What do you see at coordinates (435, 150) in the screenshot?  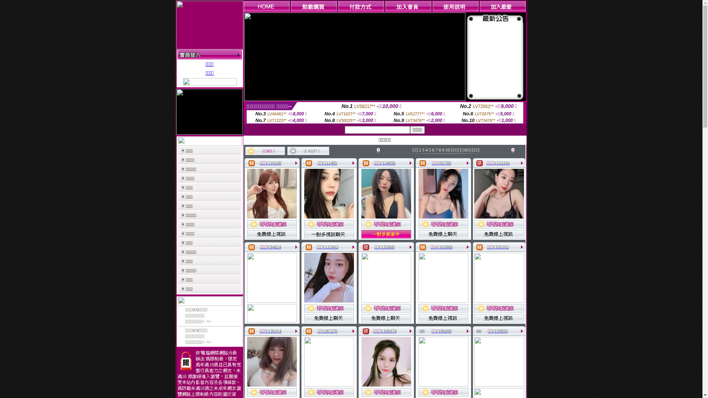 I see `'7'` at bounding box center [435, 150].